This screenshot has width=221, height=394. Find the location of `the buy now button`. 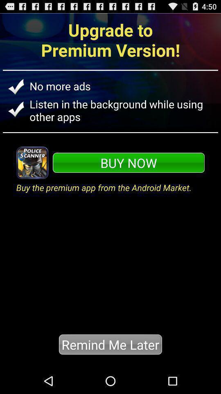

the buy now button is located at coordinates (129, 162).